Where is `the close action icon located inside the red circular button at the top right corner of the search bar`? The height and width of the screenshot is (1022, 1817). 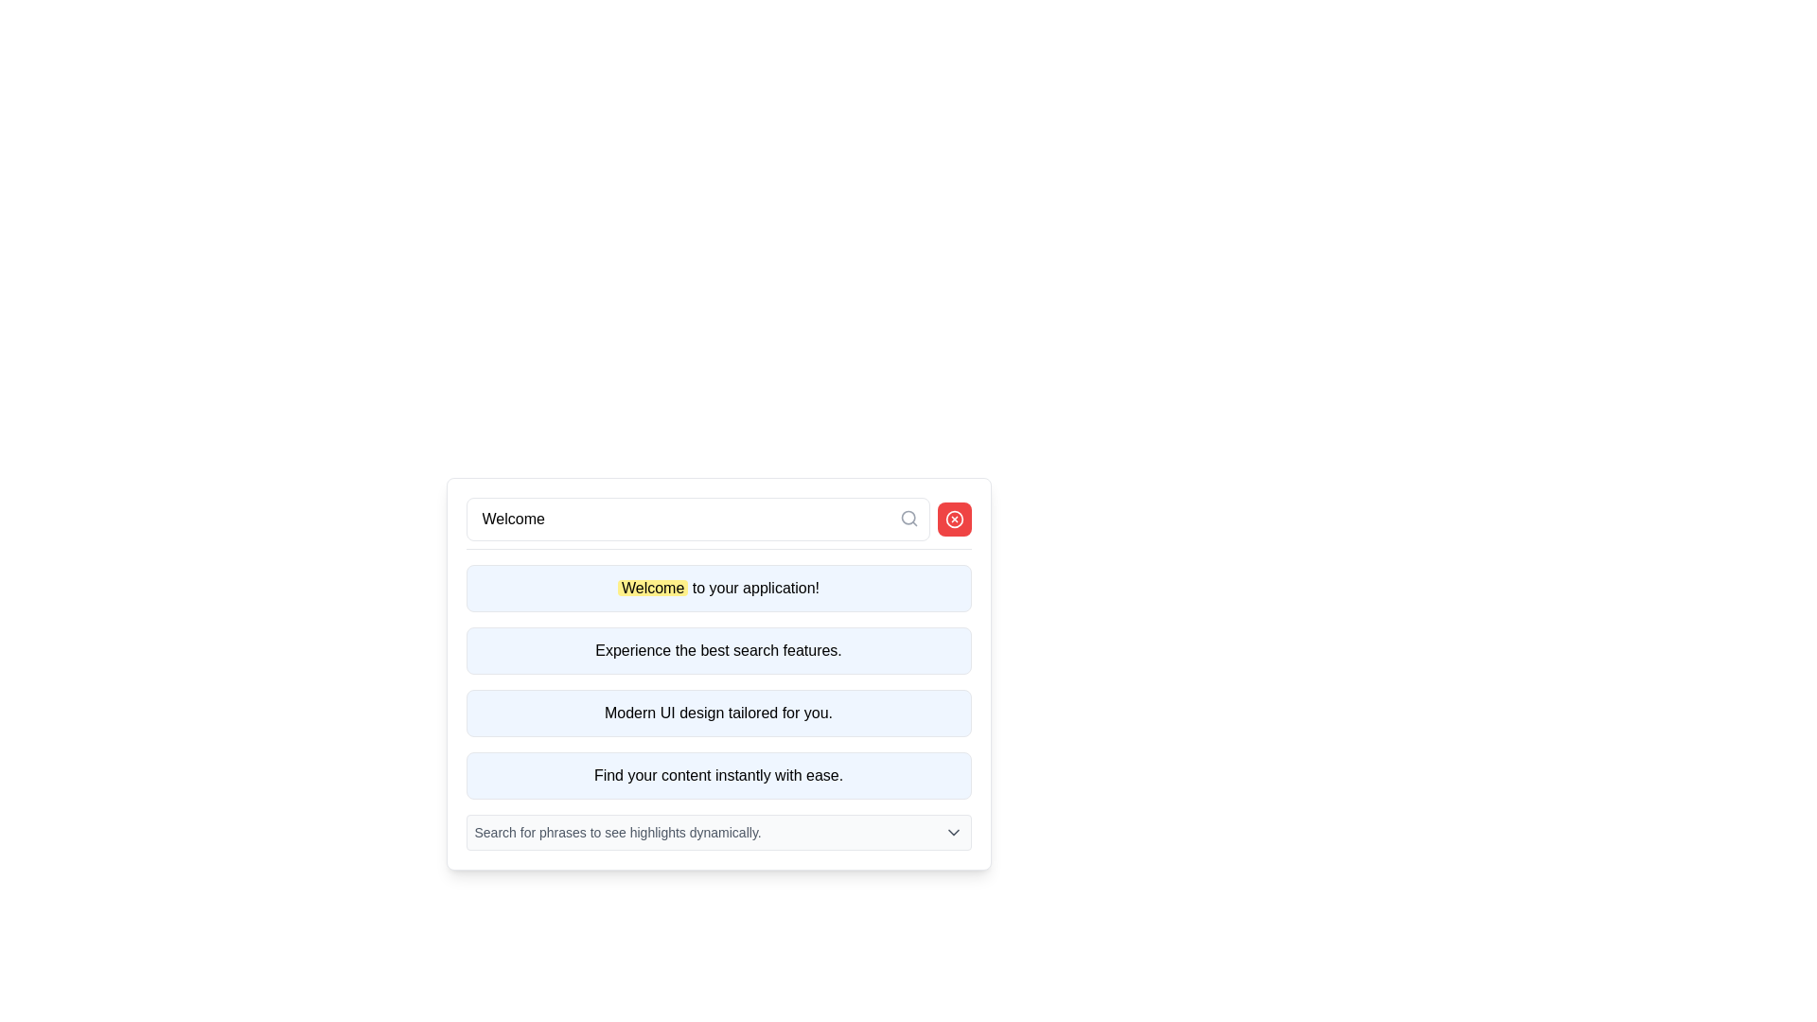
the close action icon located inside the red circular button at the top right corner of the search bar is located at coordinates (954, 519).